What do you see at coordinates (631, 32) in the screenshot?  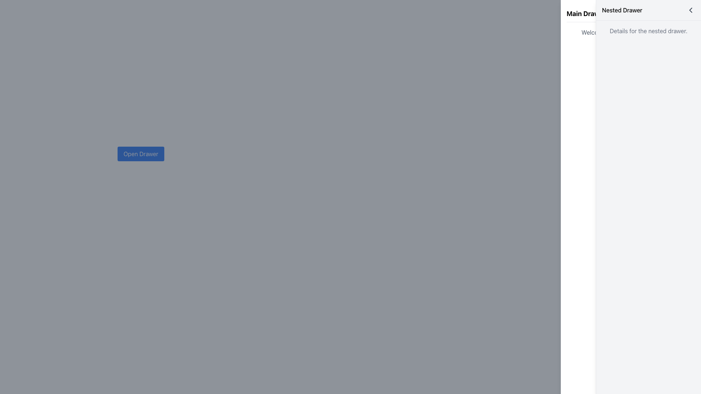 I see `the static label displaying the welcome message in the right drawer, located below 'Main Drawer' and above the 'Open Nested Drawer' button` at bounding box center [631, 32].